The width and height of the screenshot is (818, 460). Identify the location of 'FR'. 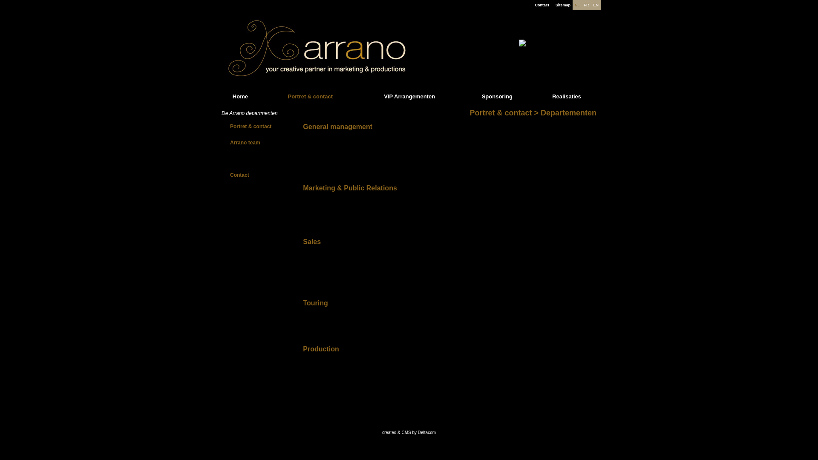
(586, 5).